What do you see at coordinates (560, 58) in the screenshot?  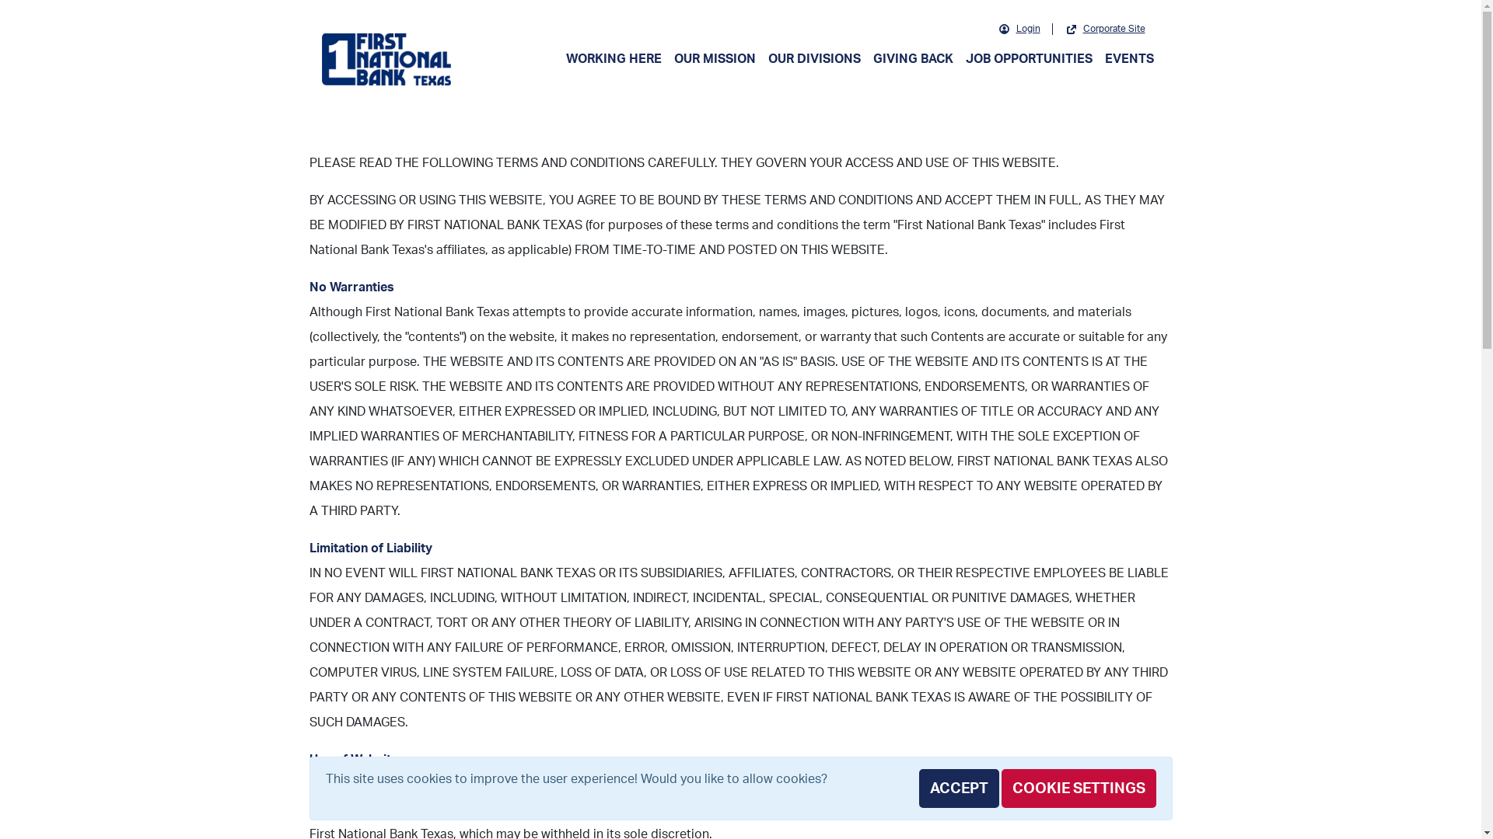 I see `'WORKING HERE'` at bounding box center [560, 58].